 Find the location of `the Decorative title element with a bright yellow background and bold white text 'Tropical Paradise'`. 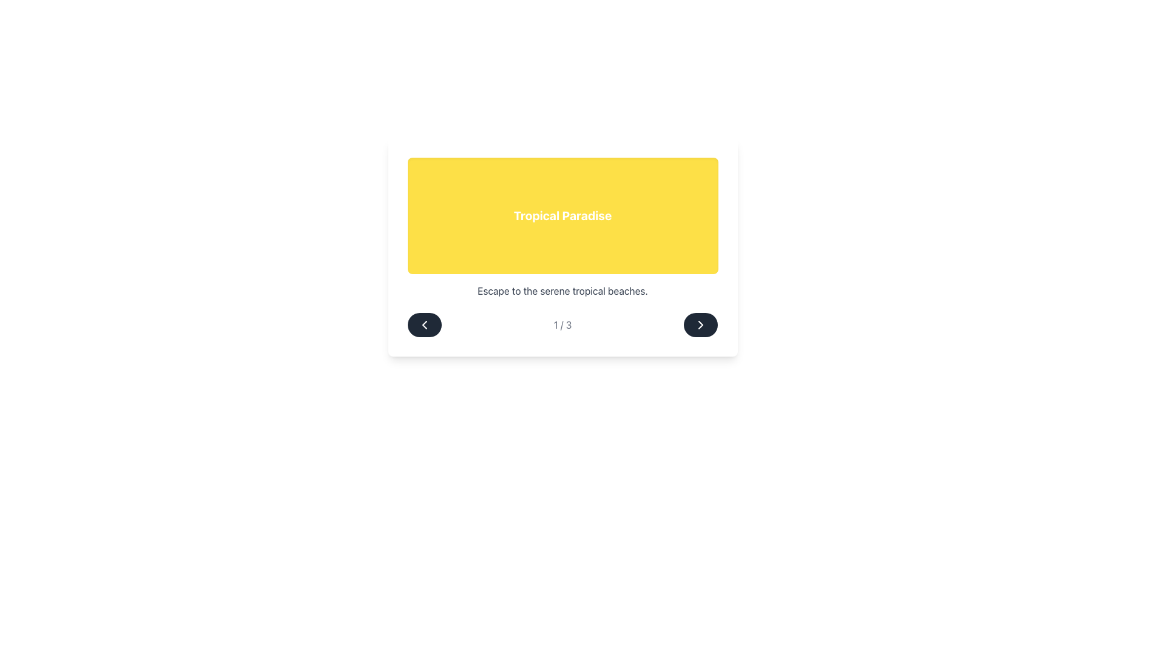

the Decorative title element with a bright yellow background and bold white text 'Tropical Paradise' is located at coordinates (562, 215).